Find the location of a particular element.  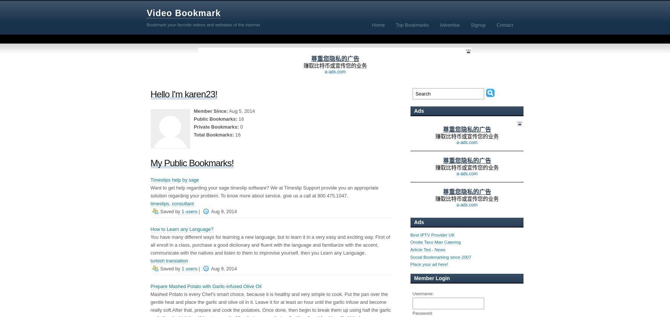

'Aug  5, 2014' is located at coordinates (241, 110).